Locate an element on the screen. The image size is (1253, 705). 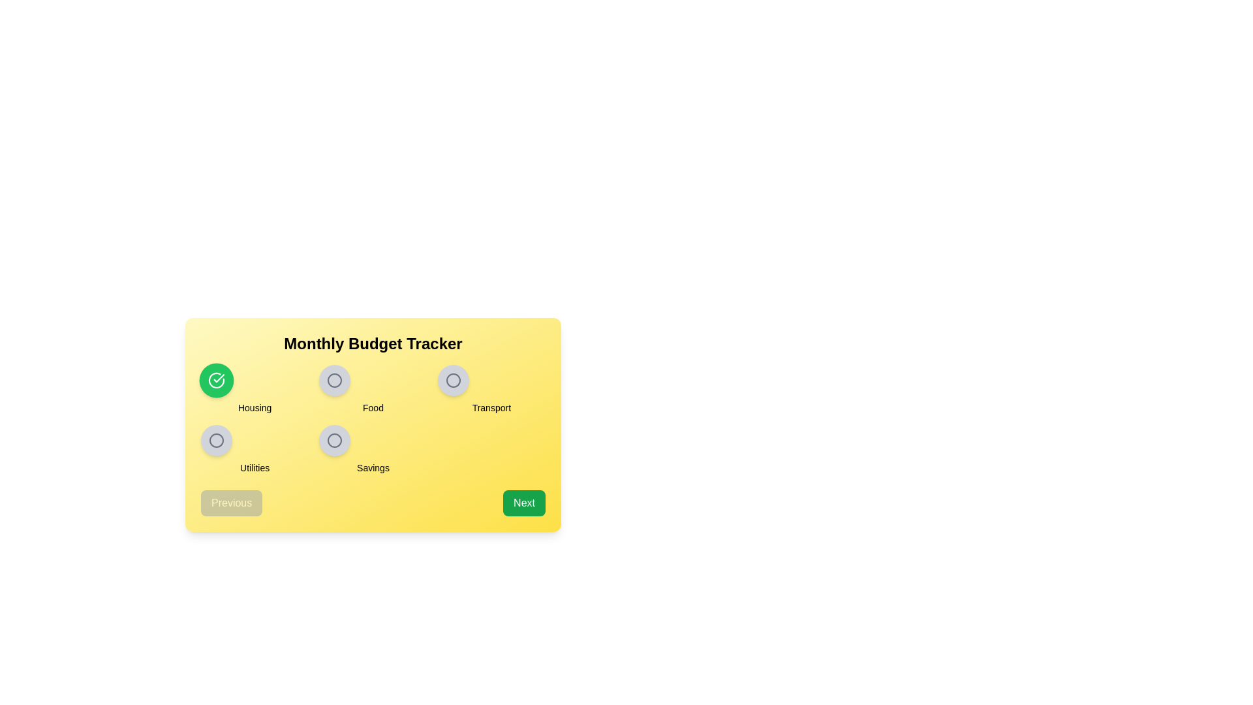
the green circular button labeled 'Housing' that contains a check mark within the 'Monthly Budget Tracker' section is located at coordinates (219, 378).